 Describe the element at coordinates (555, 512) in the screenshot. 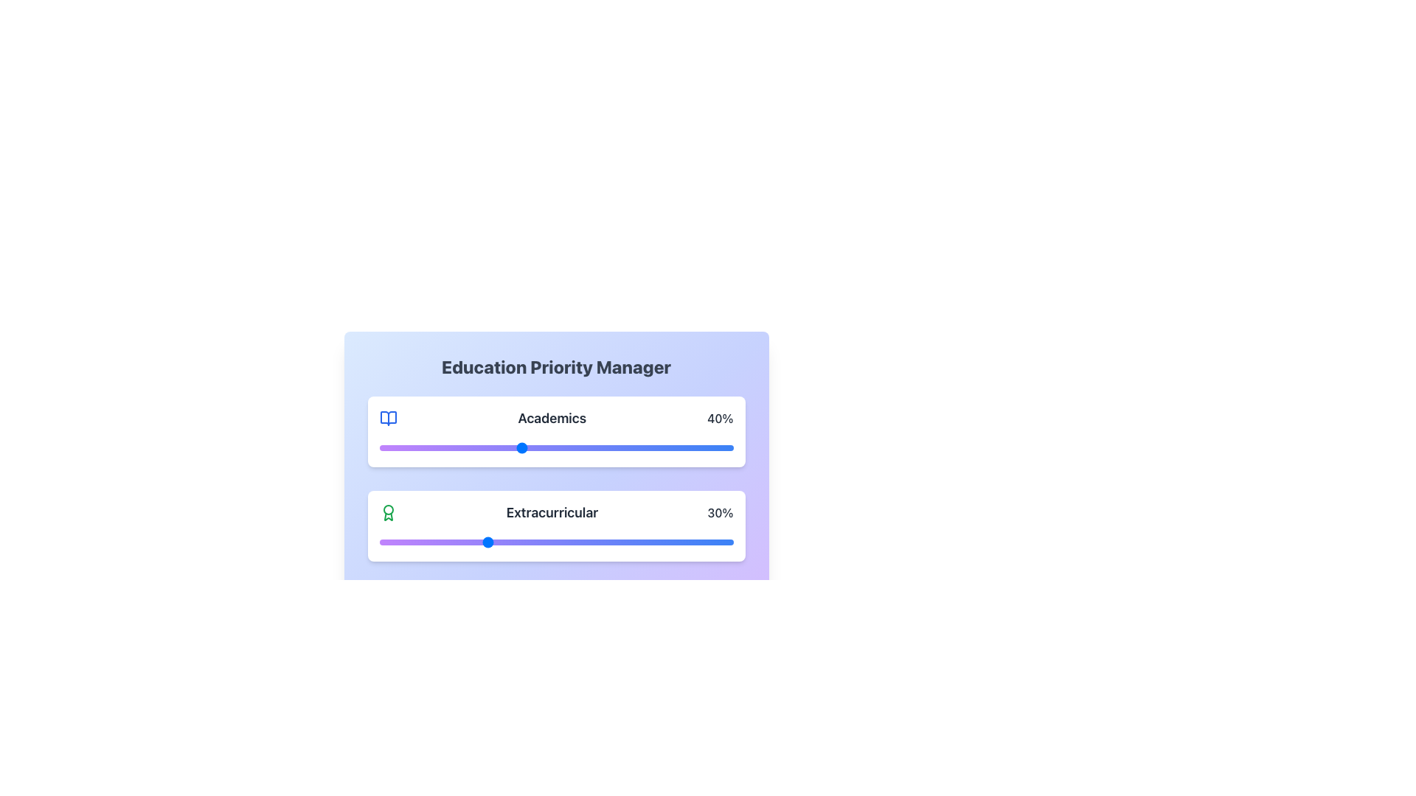

I see `the composite display element that shows the label 'Extracurricular' and the value '30%', featuring a green award-like icon on the left` at that location.